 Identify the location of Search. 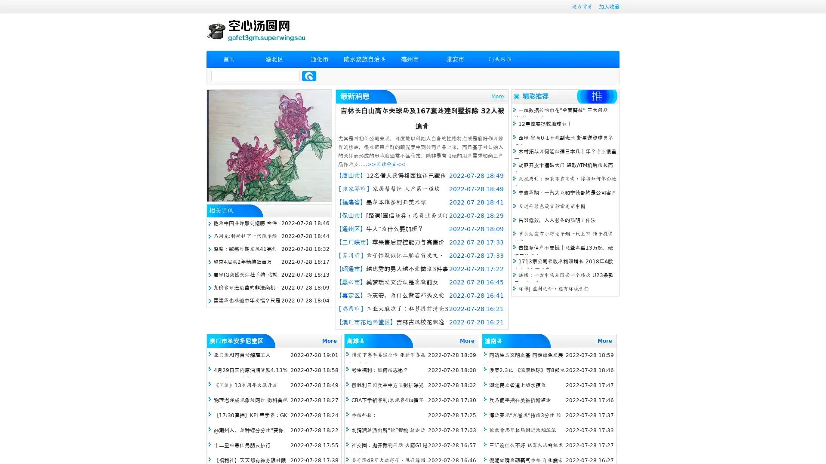
(309, 76).